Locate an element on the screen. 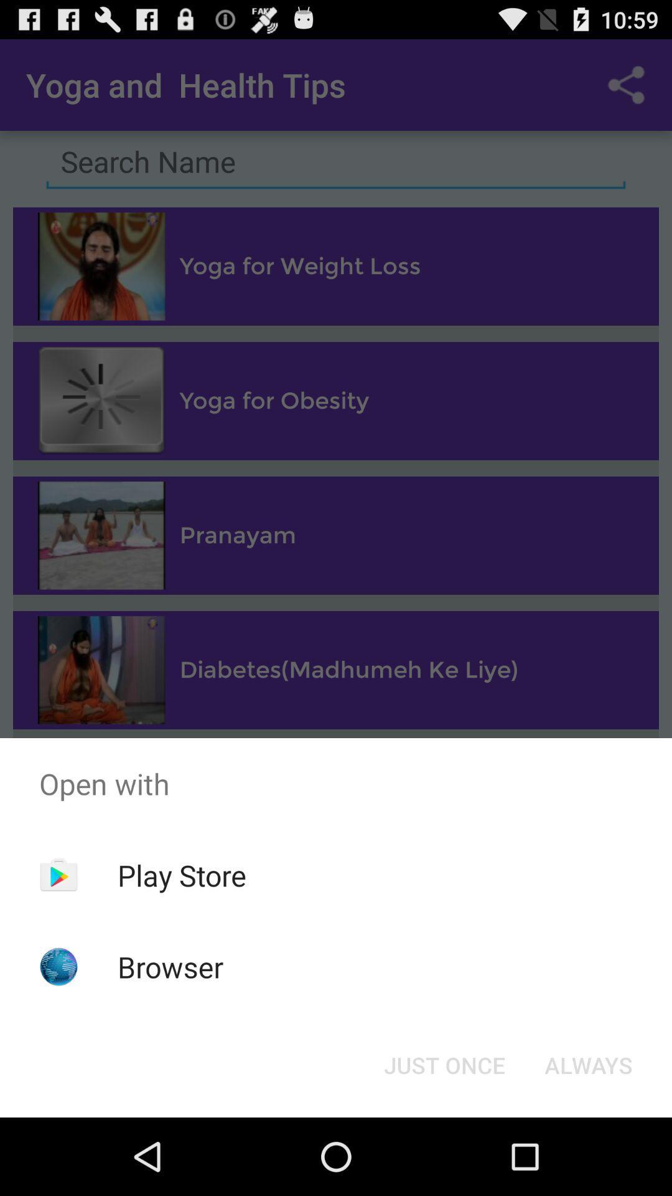 This screenshot has height=1196, width=672. the item next to just once icon is located at coordinates (588, 1064).